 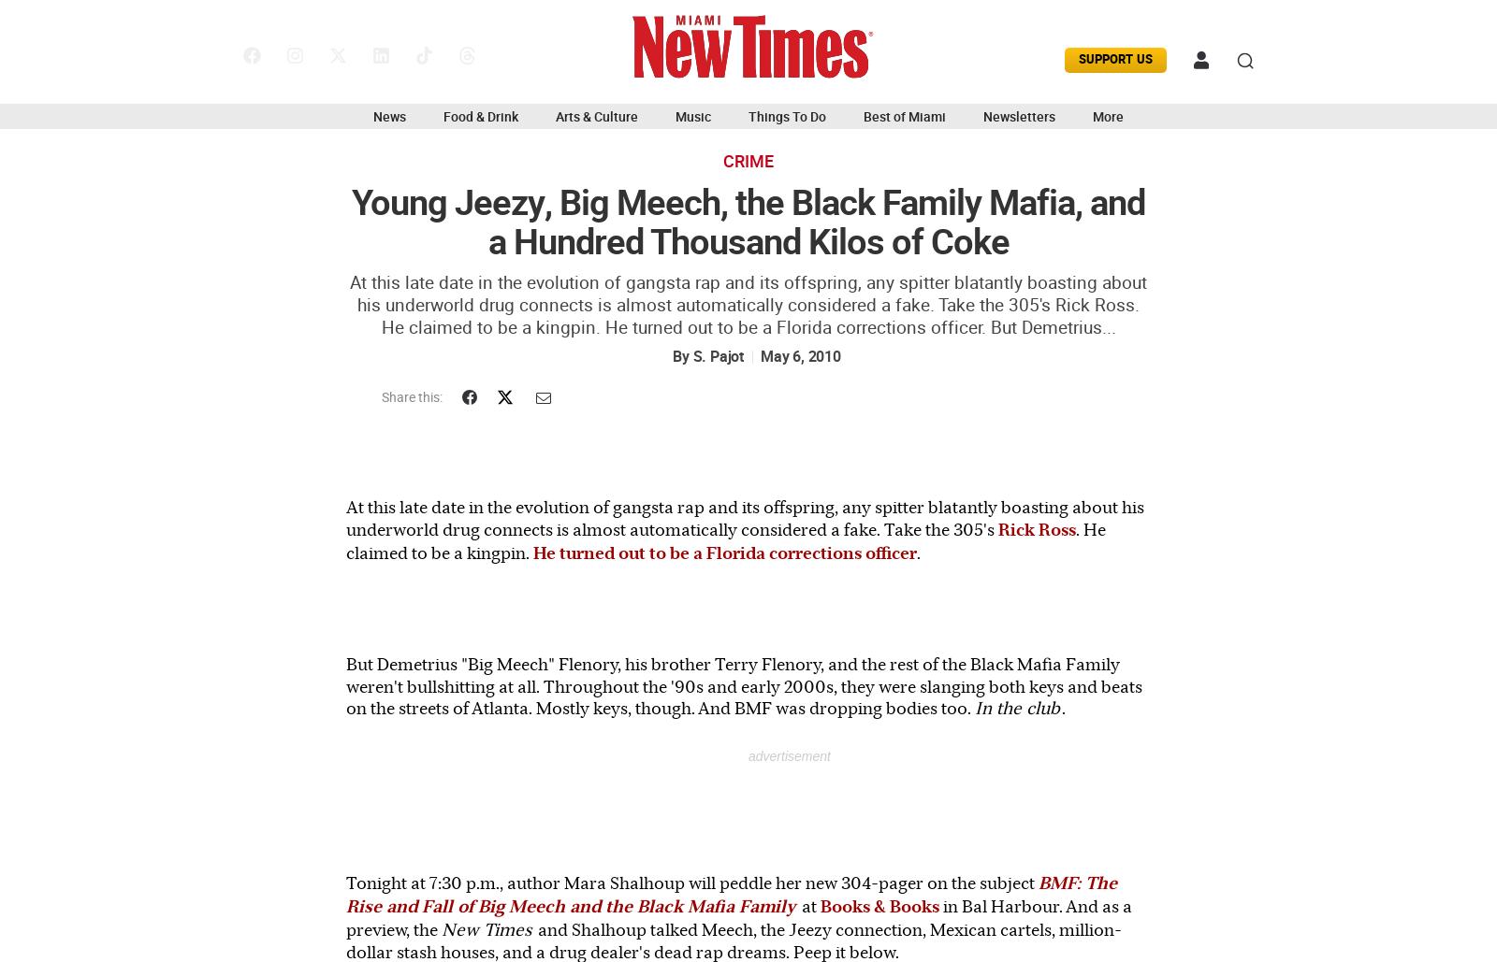 I want to click on 'At this late date in the evolution of gangsta rap and its offspring, any spitter blatantly boasting about his underworld drug connects is almost automatically considered a fake. Take the 305's Rick Ross. He claimed to be a kingpin. He turned out to be a Florida corrections officer. But Demetrius...', so click(x=350, y=304).